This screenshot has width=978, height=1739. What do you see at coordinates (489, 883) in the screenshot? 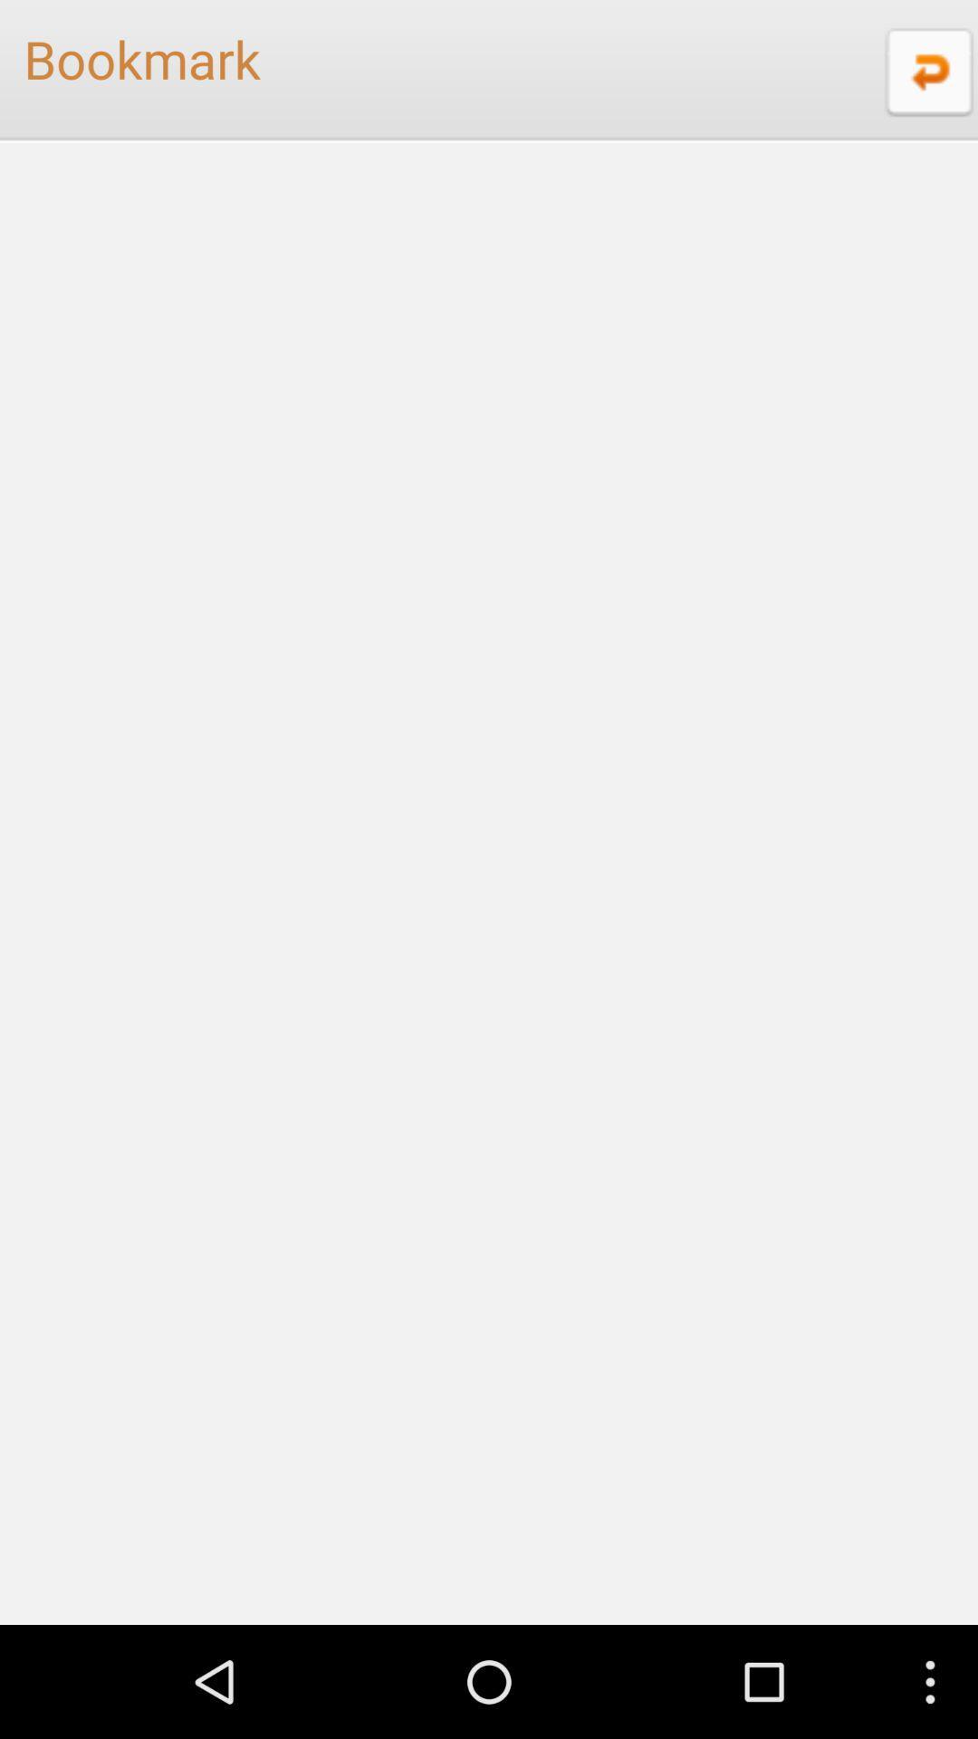
I see `item at the center` at bounding box center [489, 883].